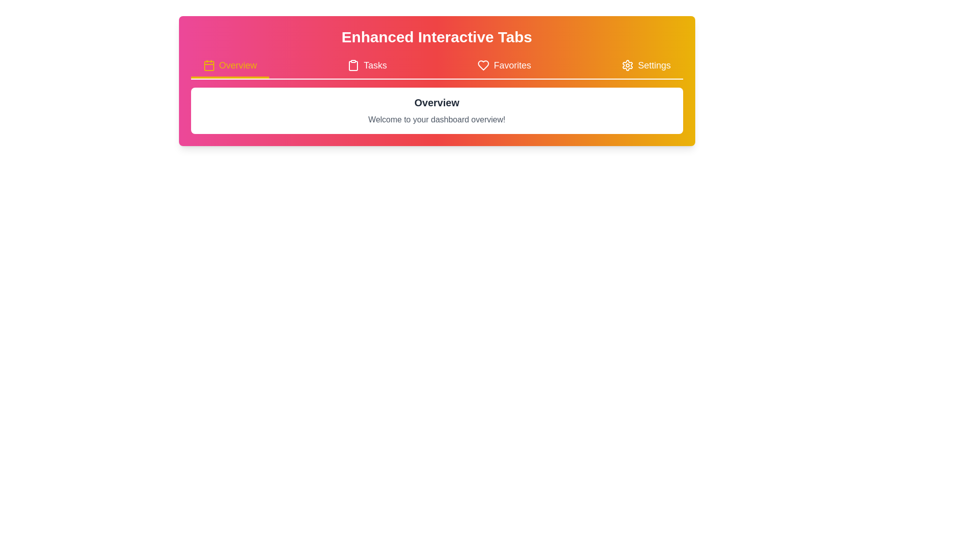 Image resolution: width=968 pixels, height=544 pixels. What do you see at coordinates (437, 119) in the screenshot?
I see `text element displaying 'Welcome to your dashboard overview!' which is styled with light gray text and is located within a white box under the 'Overview' header` at bounding box center [437, 119].